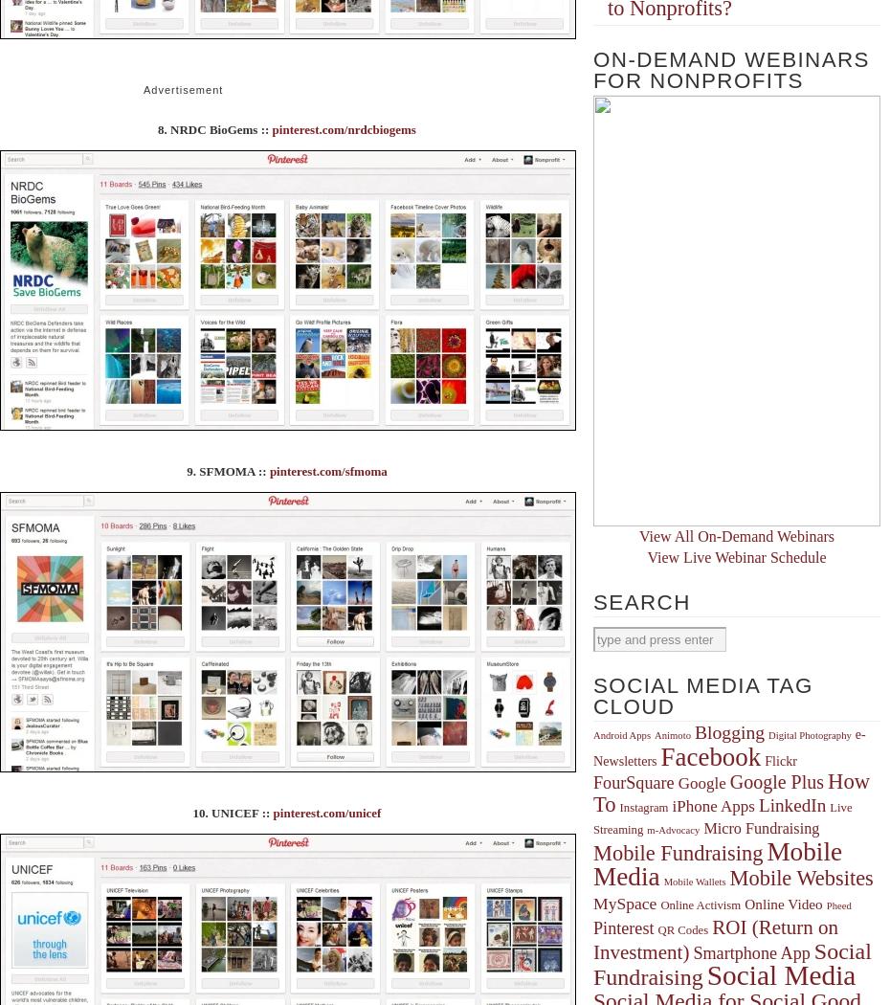  Describe the element at coordinates (730, 69) in the screenshot. I see `'On-Demand Webinars for Nonprofits'` at that location.